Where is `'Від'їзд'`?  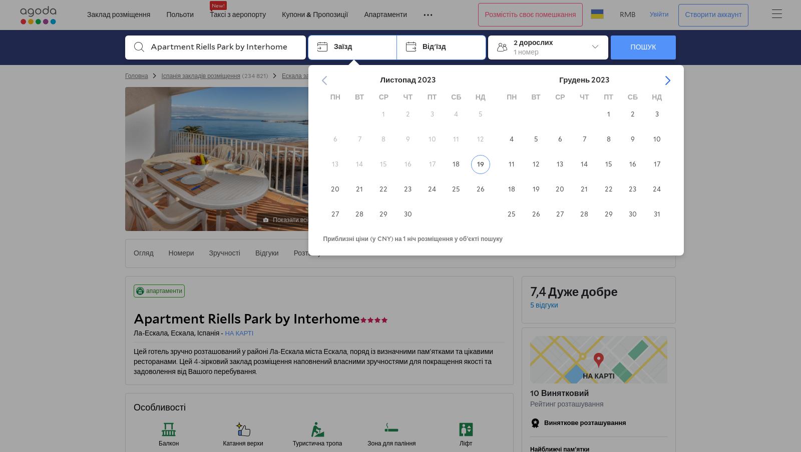 'Від'їзд' is located at coordinates (434, 46).